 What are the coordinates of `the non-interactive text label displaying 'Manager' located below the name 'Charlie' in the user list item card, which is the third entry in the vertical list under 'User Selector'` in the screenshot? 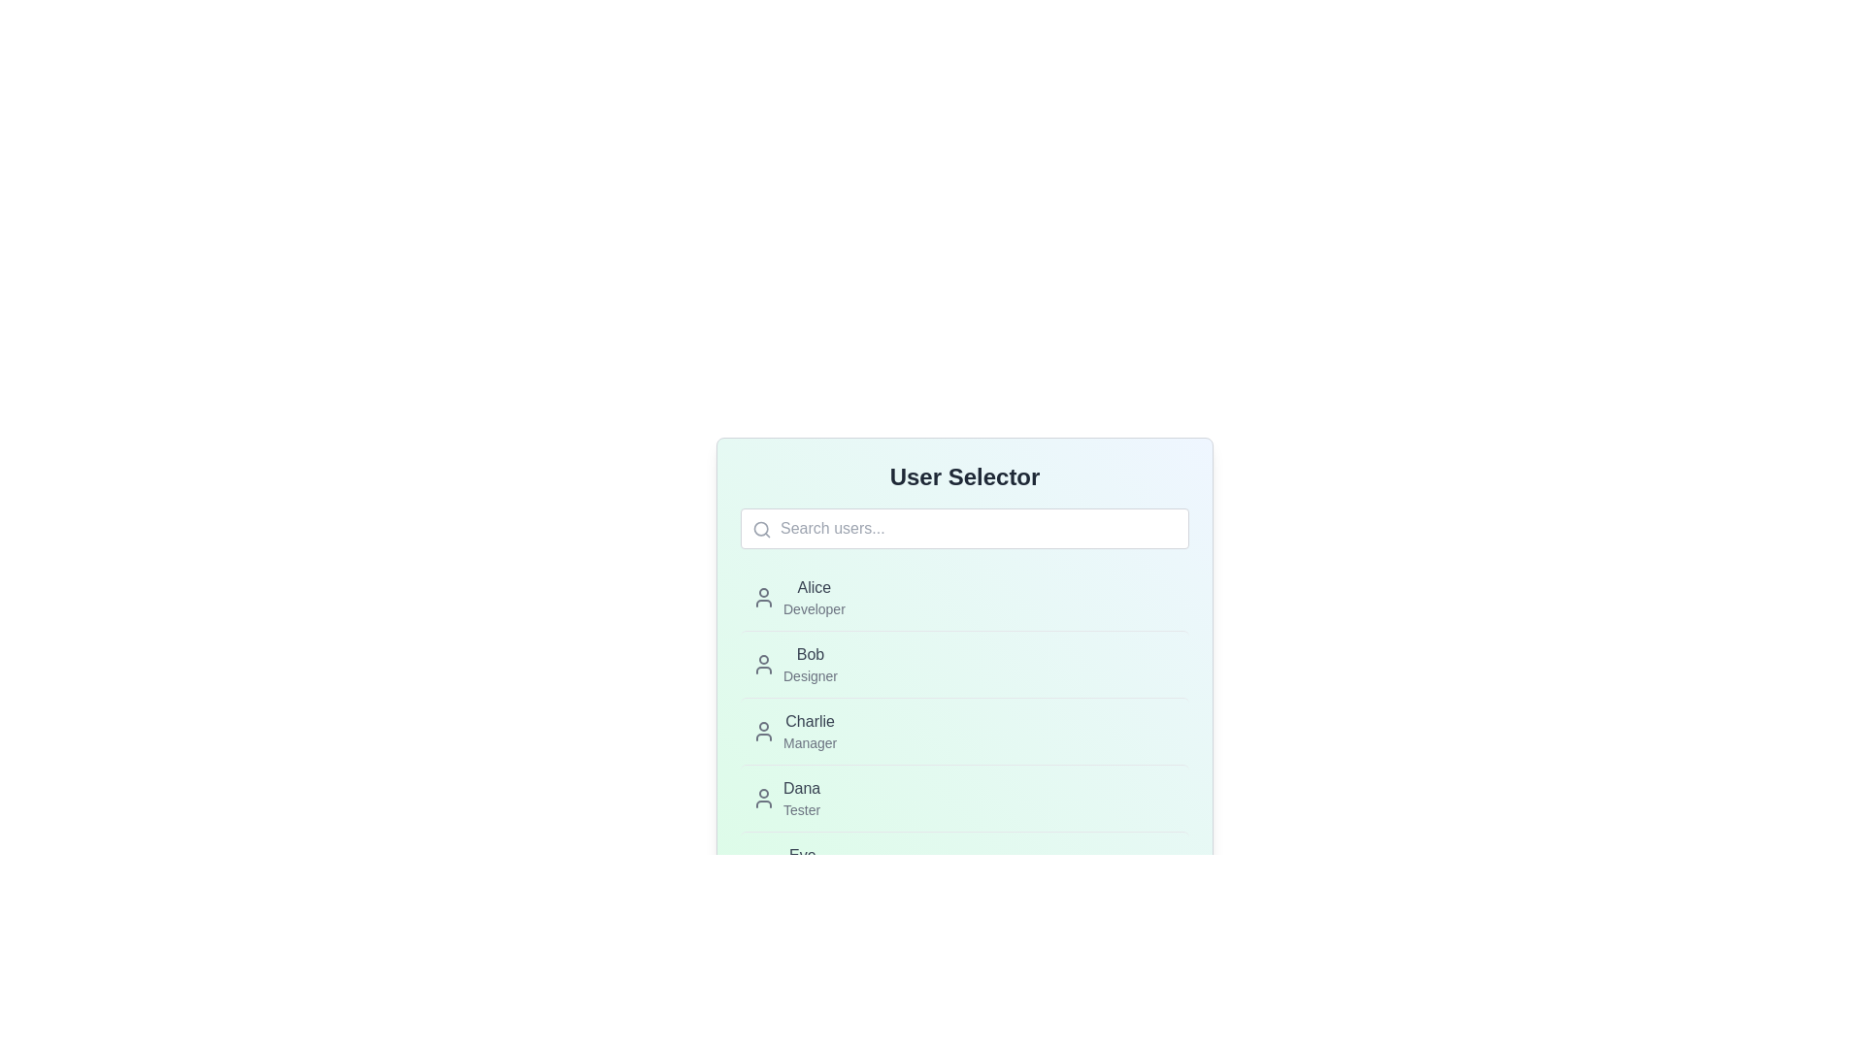 It's located at (810, 742).